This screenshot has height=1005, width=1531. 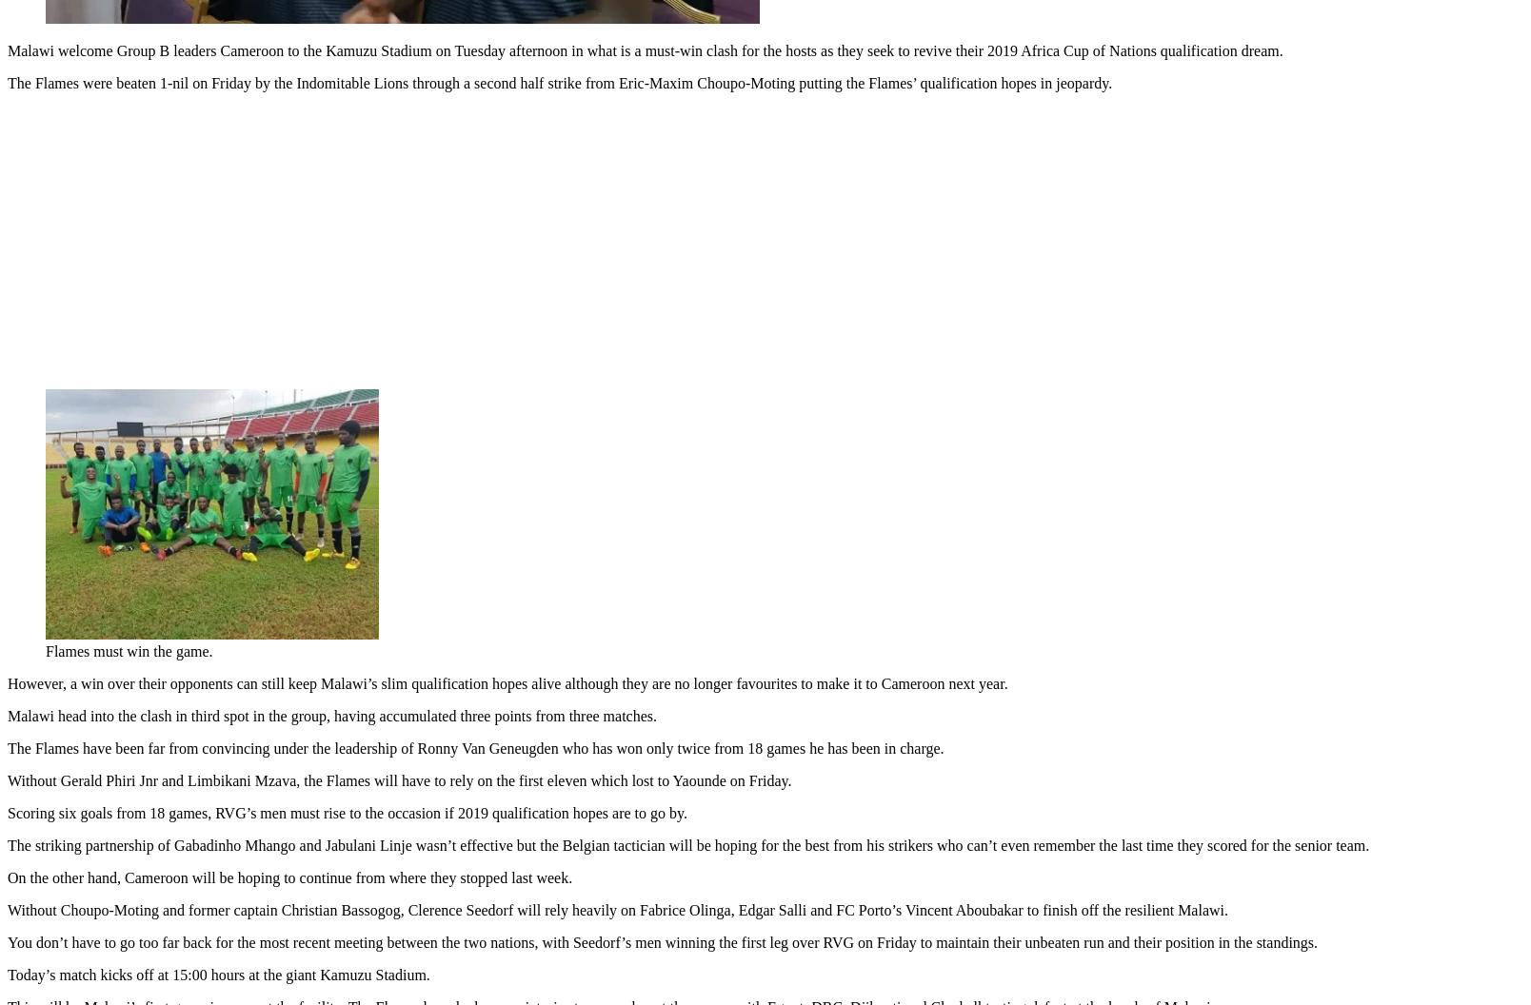 I want to click on 'The Flames have been far from convincing under the leadership of Ronny Van Geneugden who has won only twice from 18 games he has been in charge.', so click(x=7, y=743).